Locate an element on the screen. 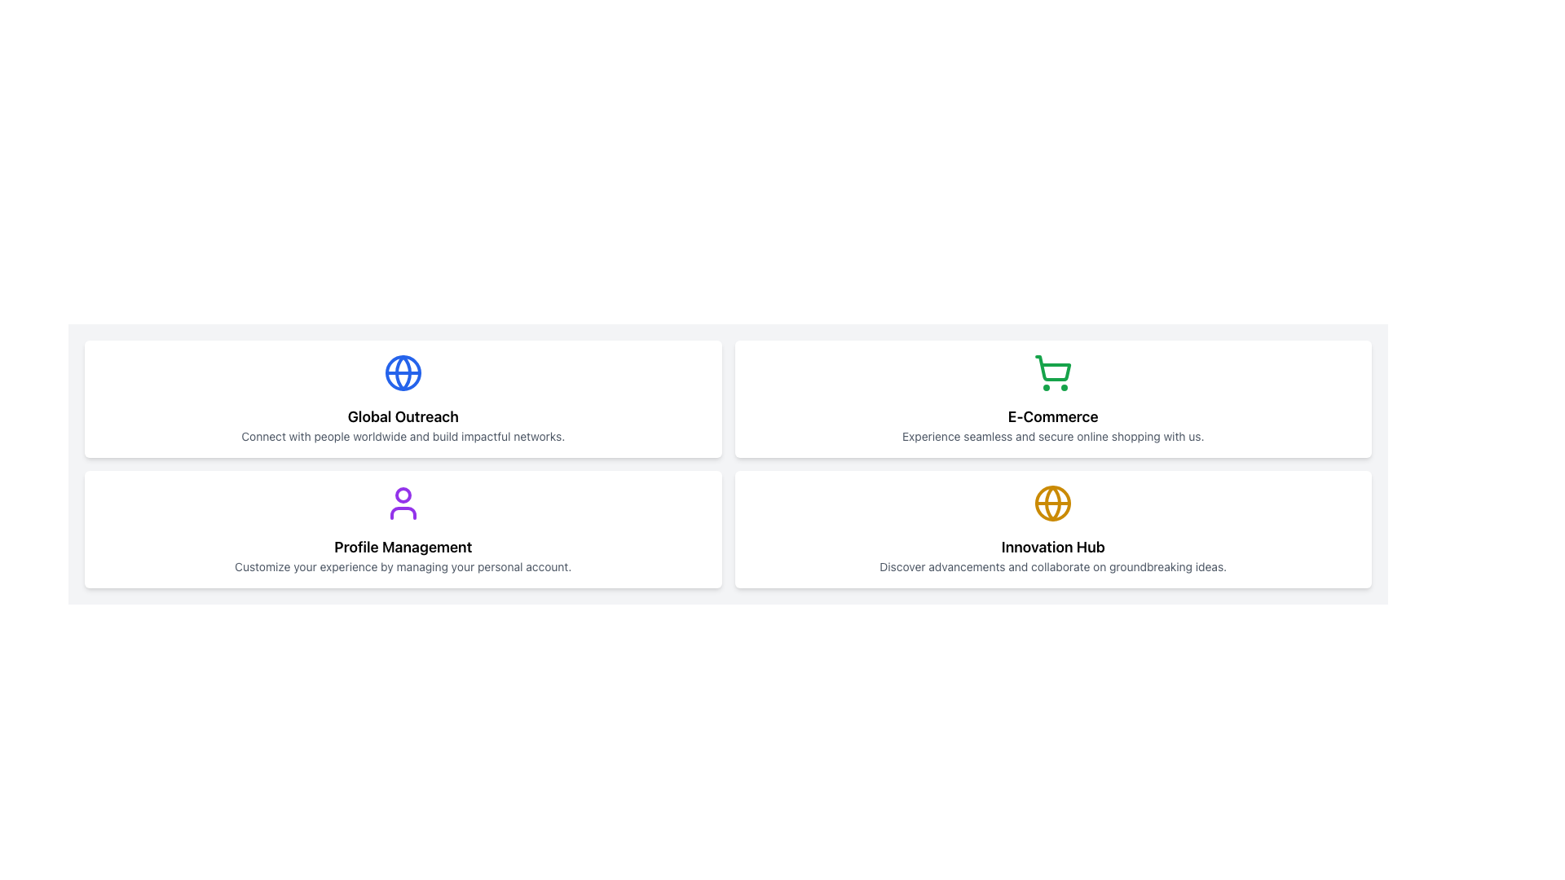 This screenshot has width=1565, height=880. the 'Global Outreach' label which is a bold text header centrally aligned in a white rounded rectangle, positioned below a globe icon and above a descriptive paragraph is located at coordinates (403, 416).